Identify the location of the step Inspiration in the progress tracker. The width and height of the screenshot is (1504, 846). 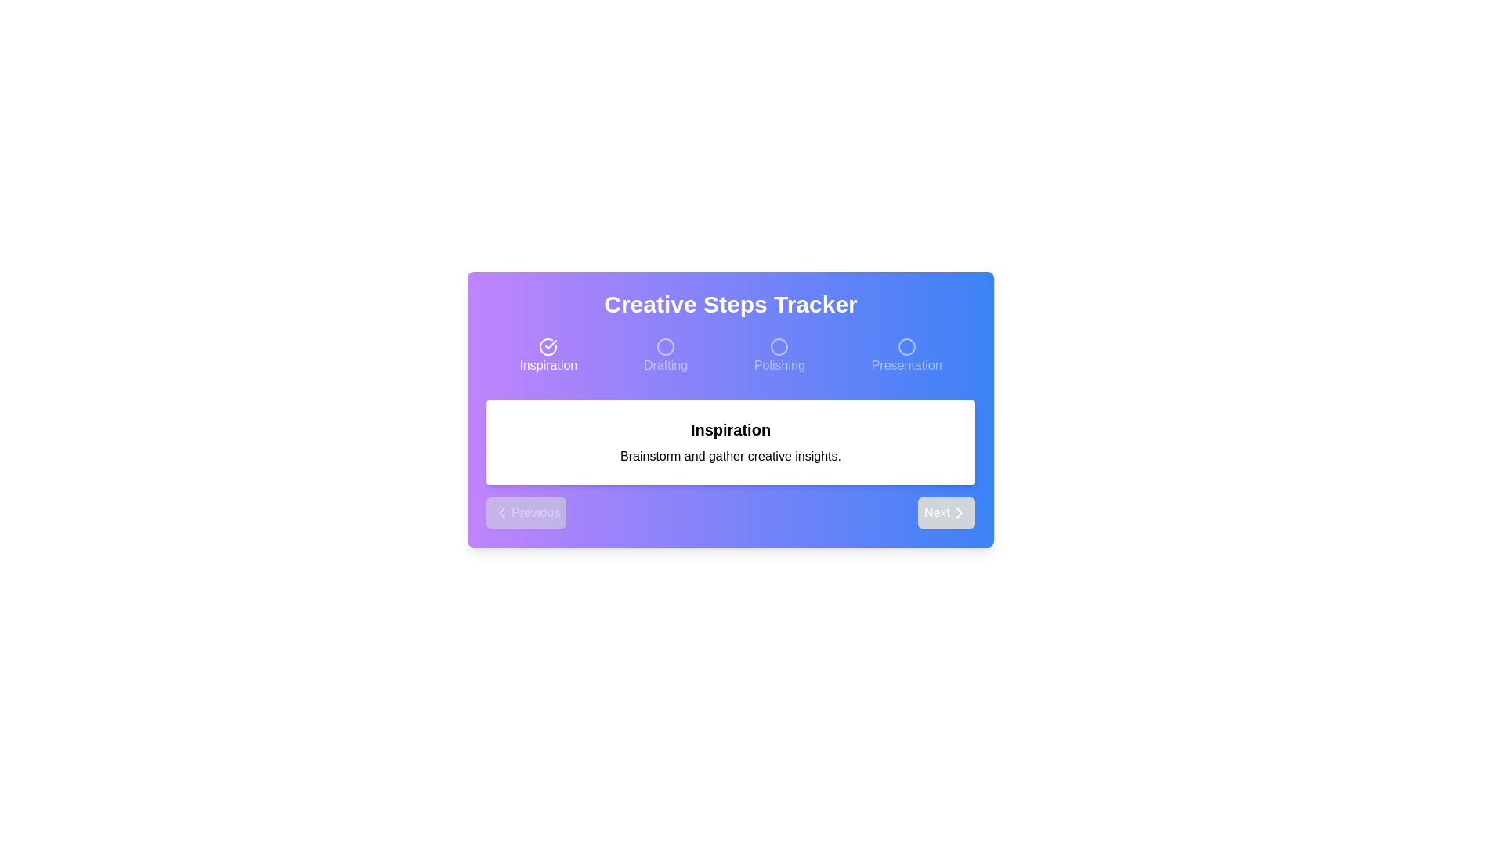
(548, 356).